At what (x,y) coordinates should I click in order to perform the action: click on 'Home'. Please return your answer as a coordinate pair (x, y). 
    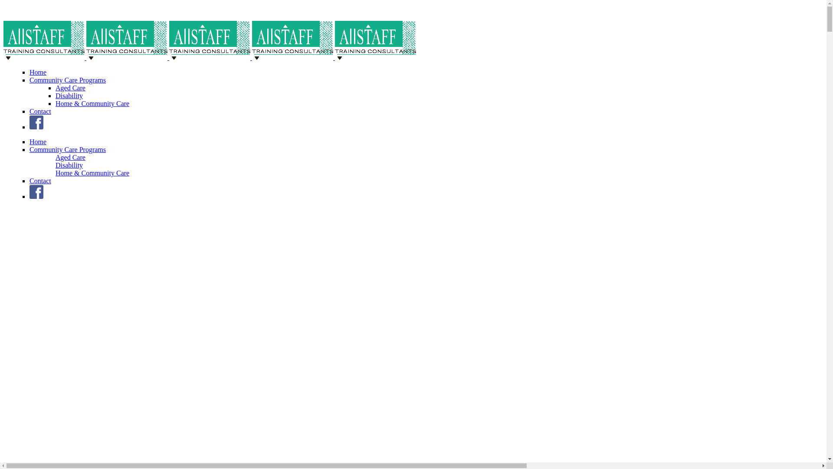
    Looking at the image, I should click on (29, 72).